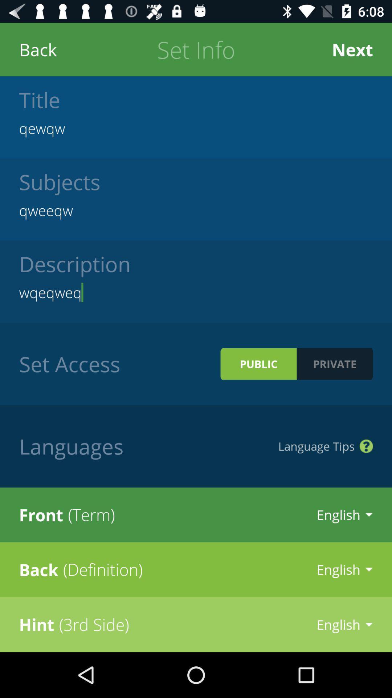  I want to click on item above the public icon, so click(196, 292).